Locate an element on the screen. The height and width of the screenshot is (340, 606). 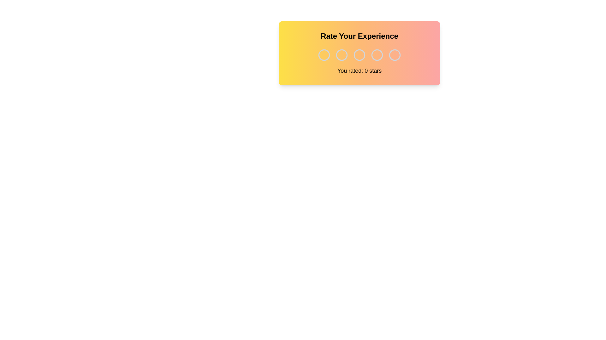
the rating to 5 stars by clicking on the corresponding star is located at coordinates (395, 54).